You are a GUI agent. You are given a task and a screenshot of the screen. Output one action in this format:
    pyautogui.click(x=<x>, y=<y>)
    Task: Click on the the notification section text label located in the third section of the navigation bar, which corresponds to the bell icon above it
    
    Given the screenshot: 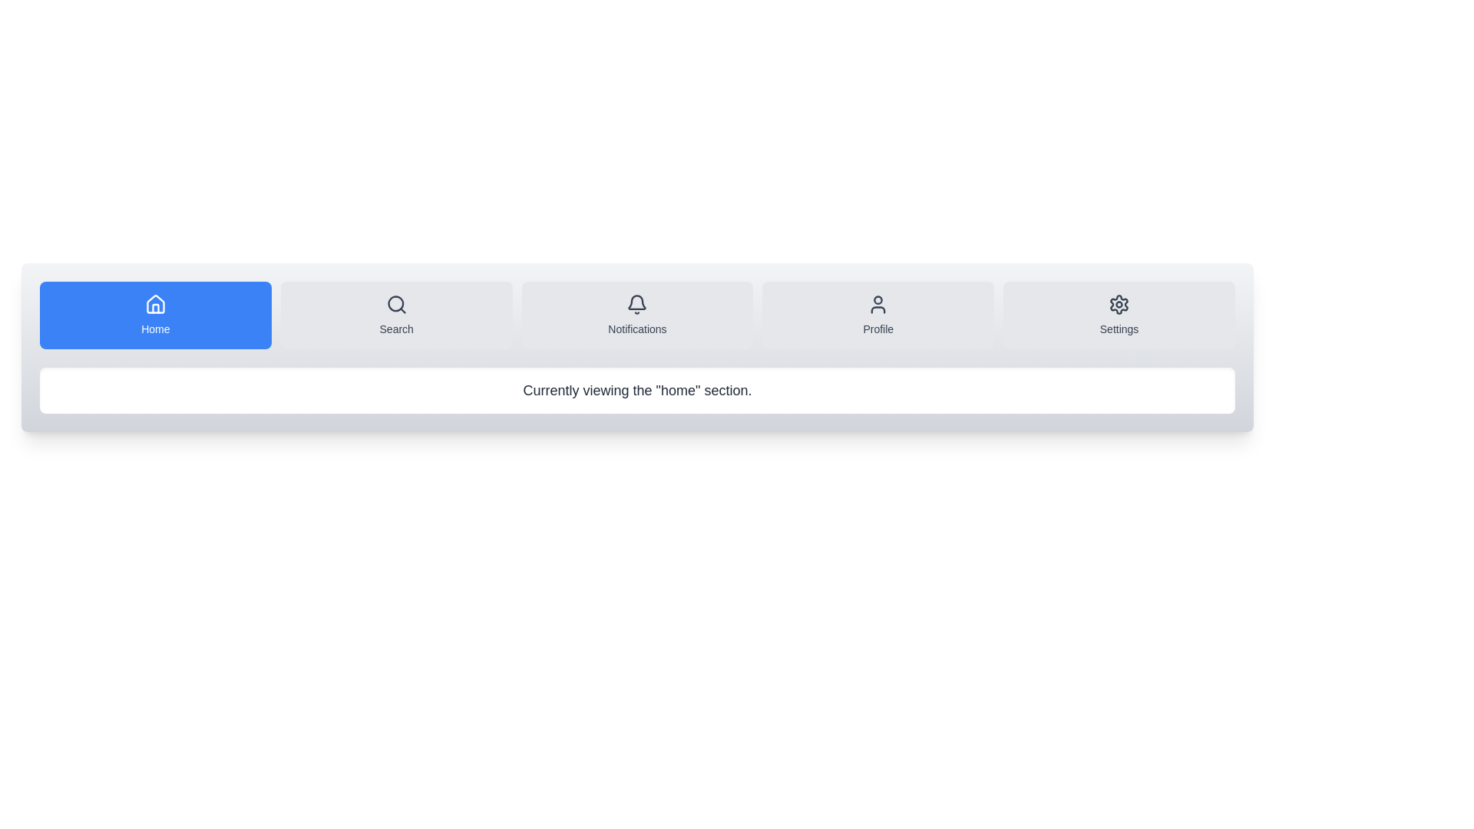 What is the action you would take?
    pyautogui.click(x=637, y=328)
    